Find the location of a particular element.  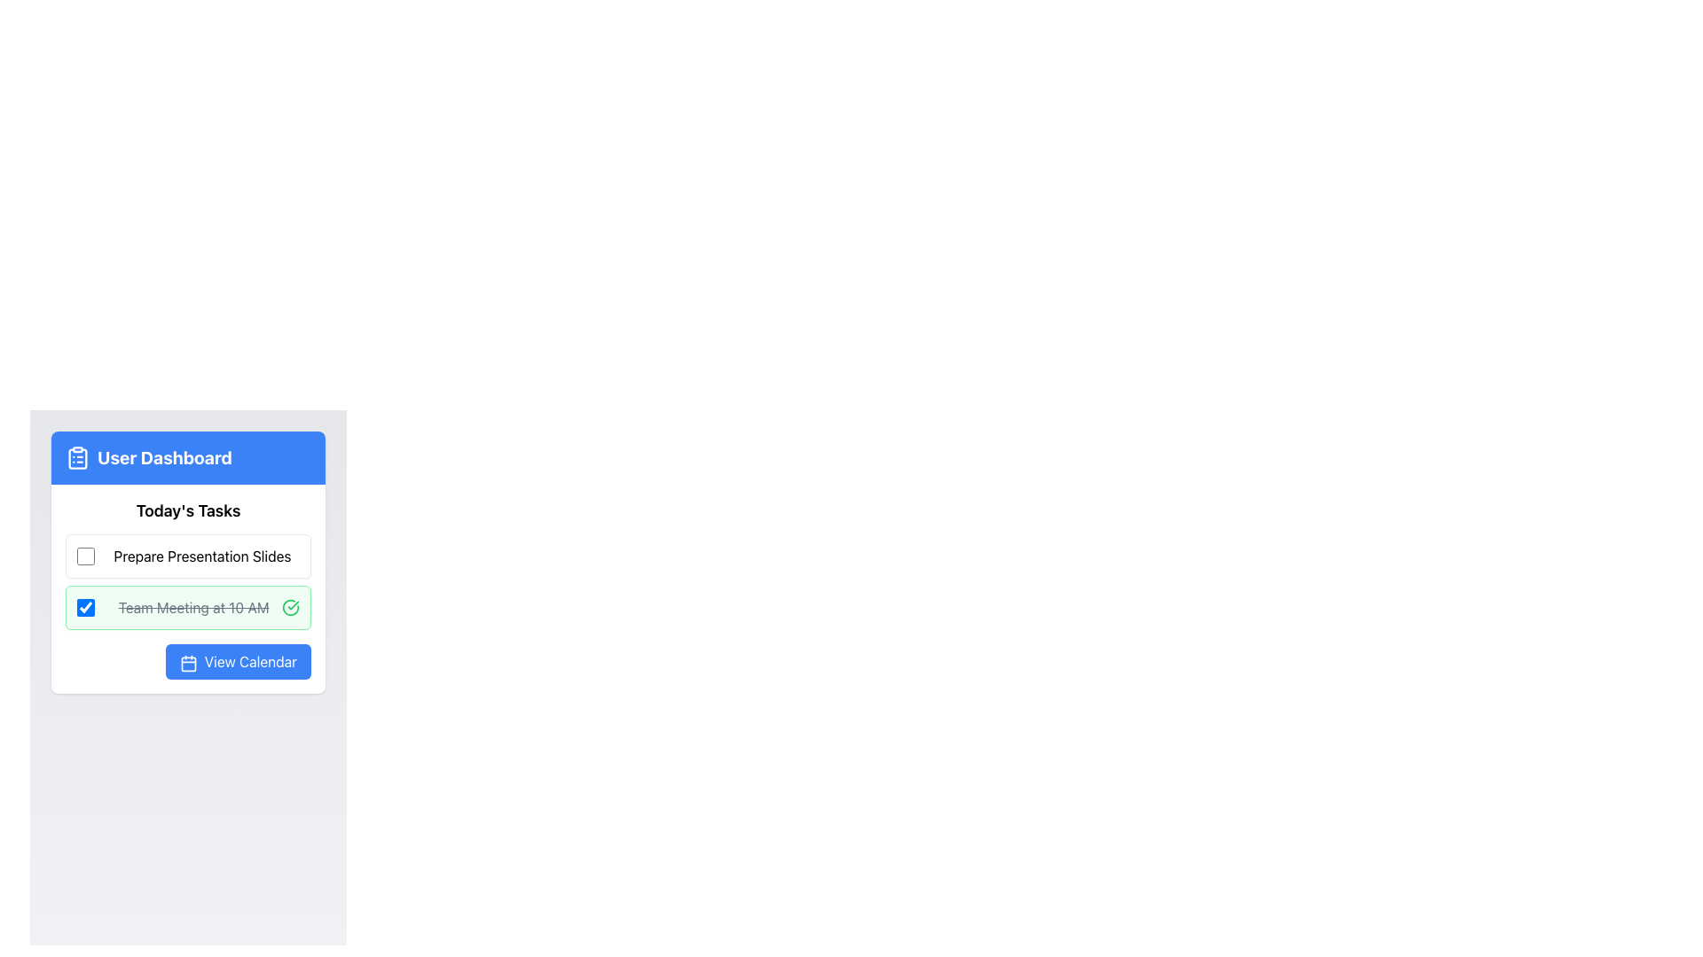

the checkbox of the completed task item located in the 'Today's Tasks' section, which is the second task in the list is located at coordinates (188, 581).